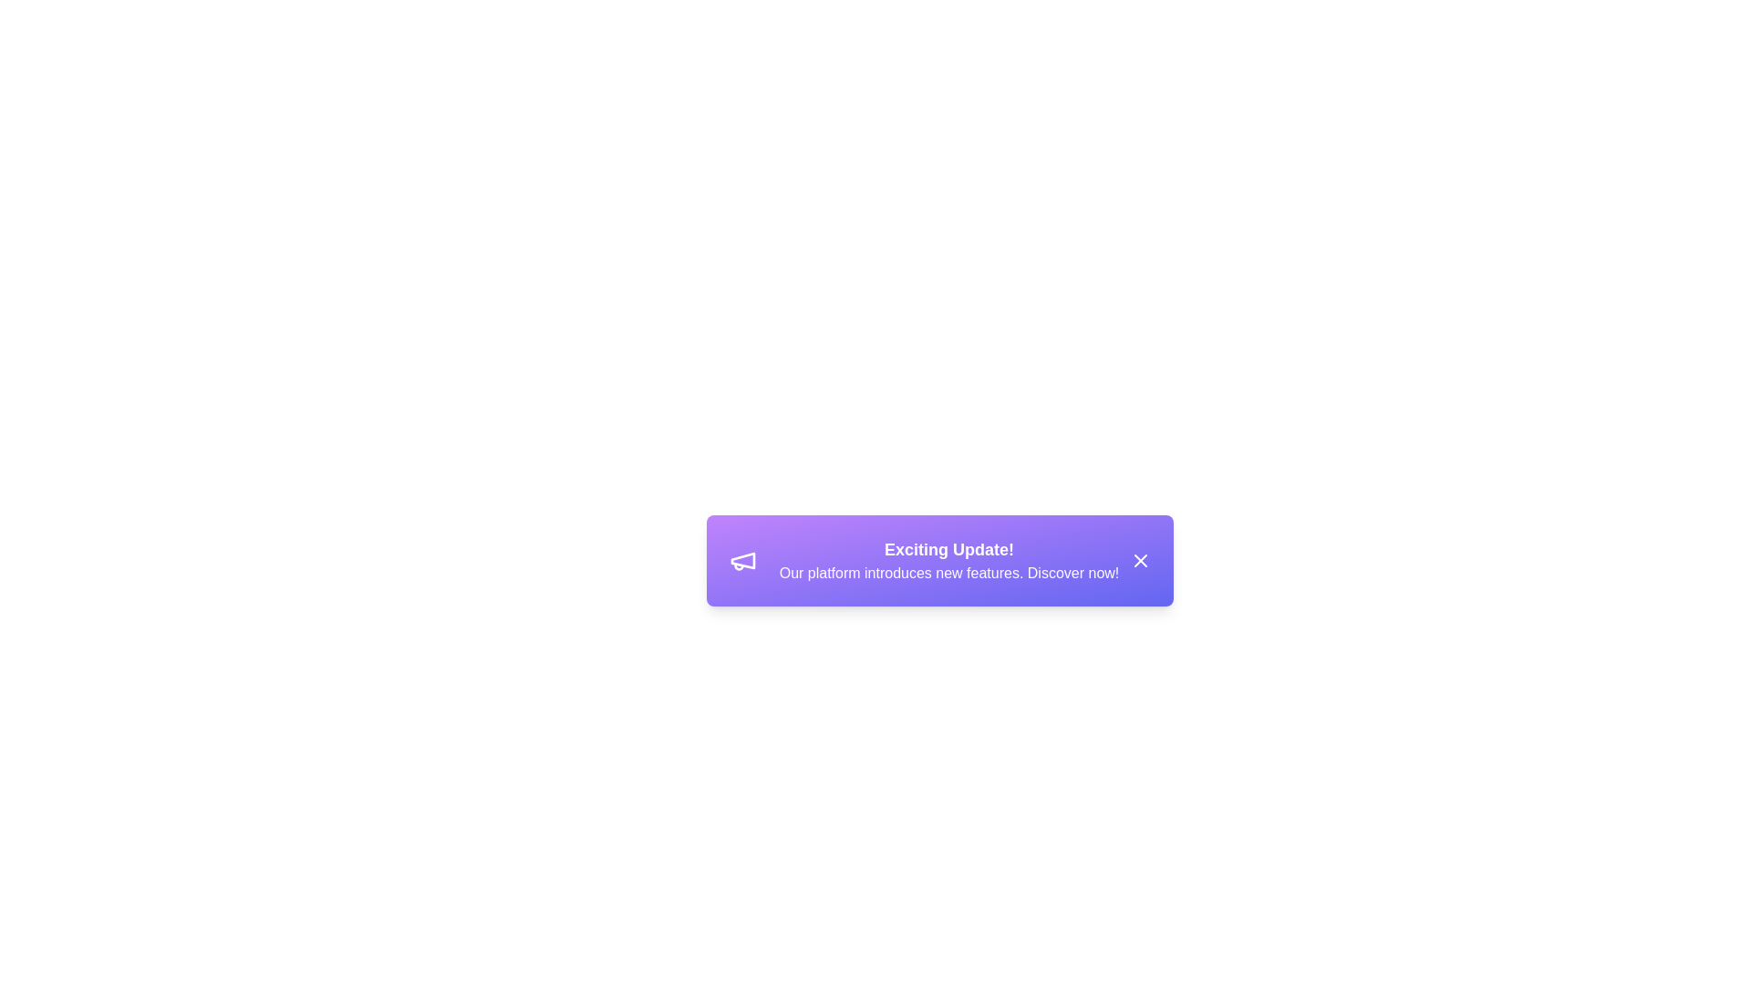  I want to click on the close button of the alert to dismiss it, so click(1140, 559).